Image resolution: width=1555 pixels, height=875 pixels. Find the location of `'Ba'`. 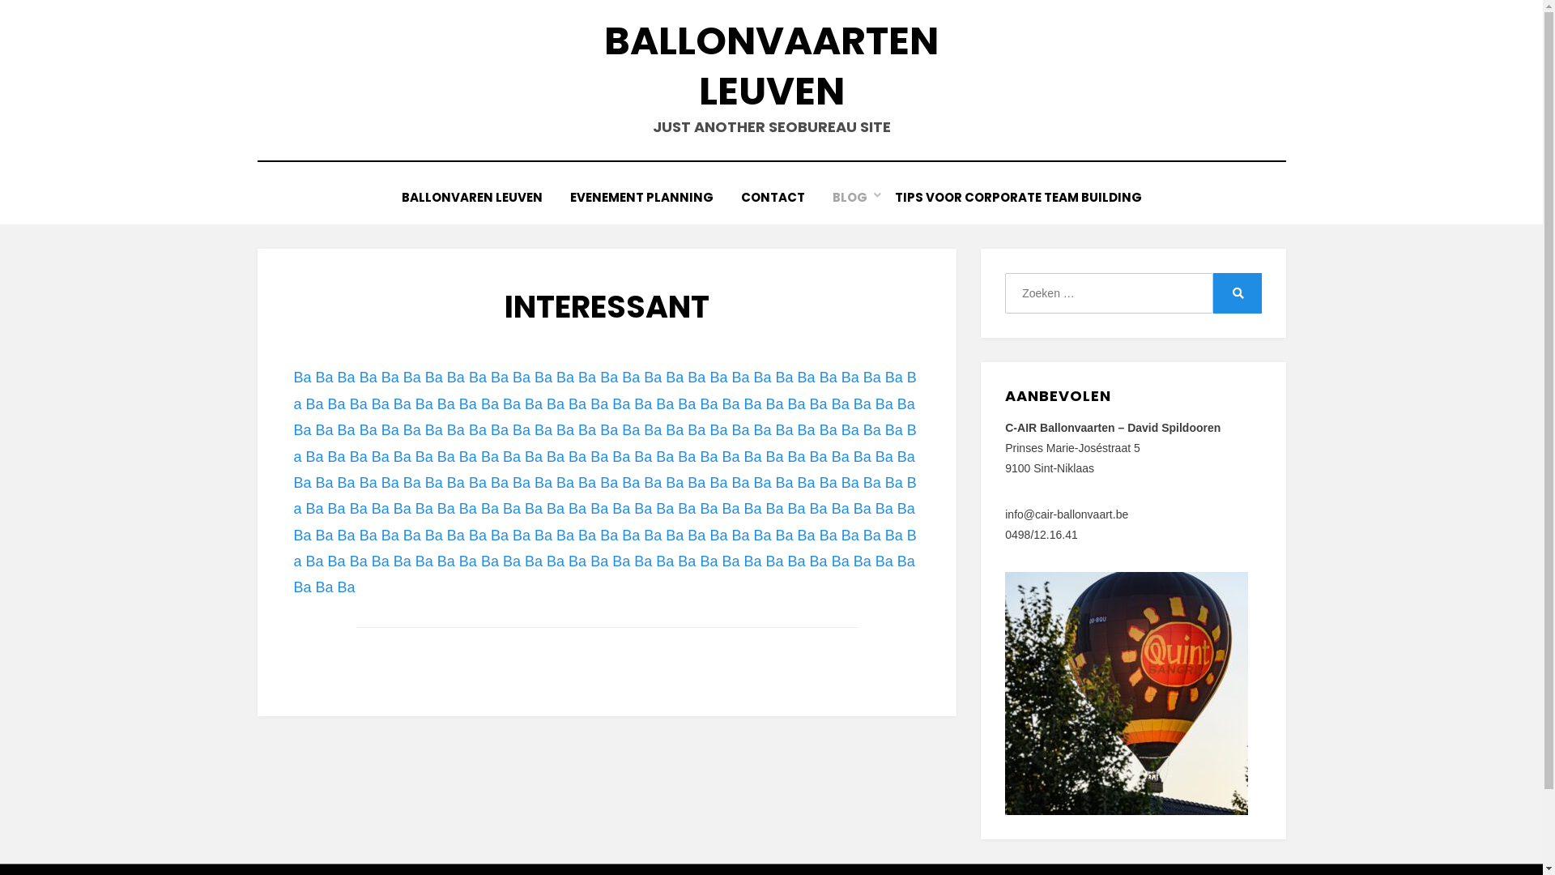

'Ba' is located at coordinates (841, 429).